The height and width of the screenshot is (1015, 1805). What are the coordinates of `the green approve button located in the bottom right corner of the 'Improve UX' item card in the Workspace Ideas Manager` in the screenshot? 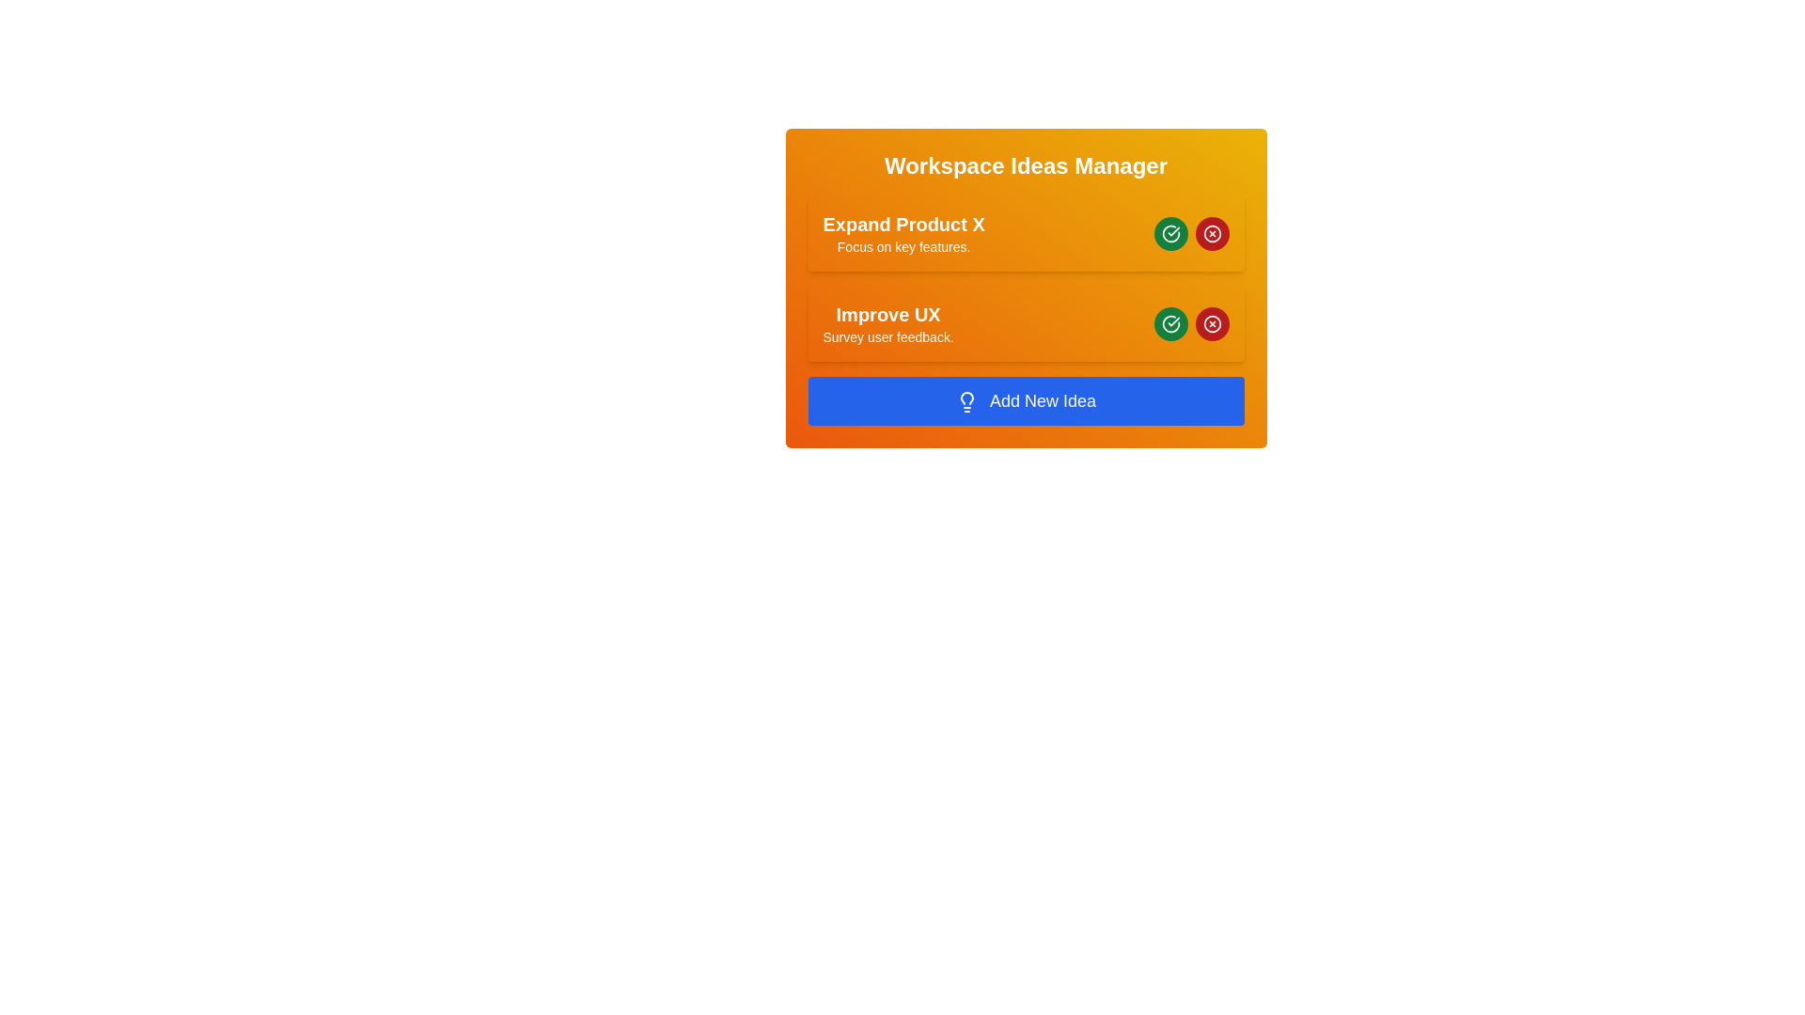 It's located at (1190, 322).